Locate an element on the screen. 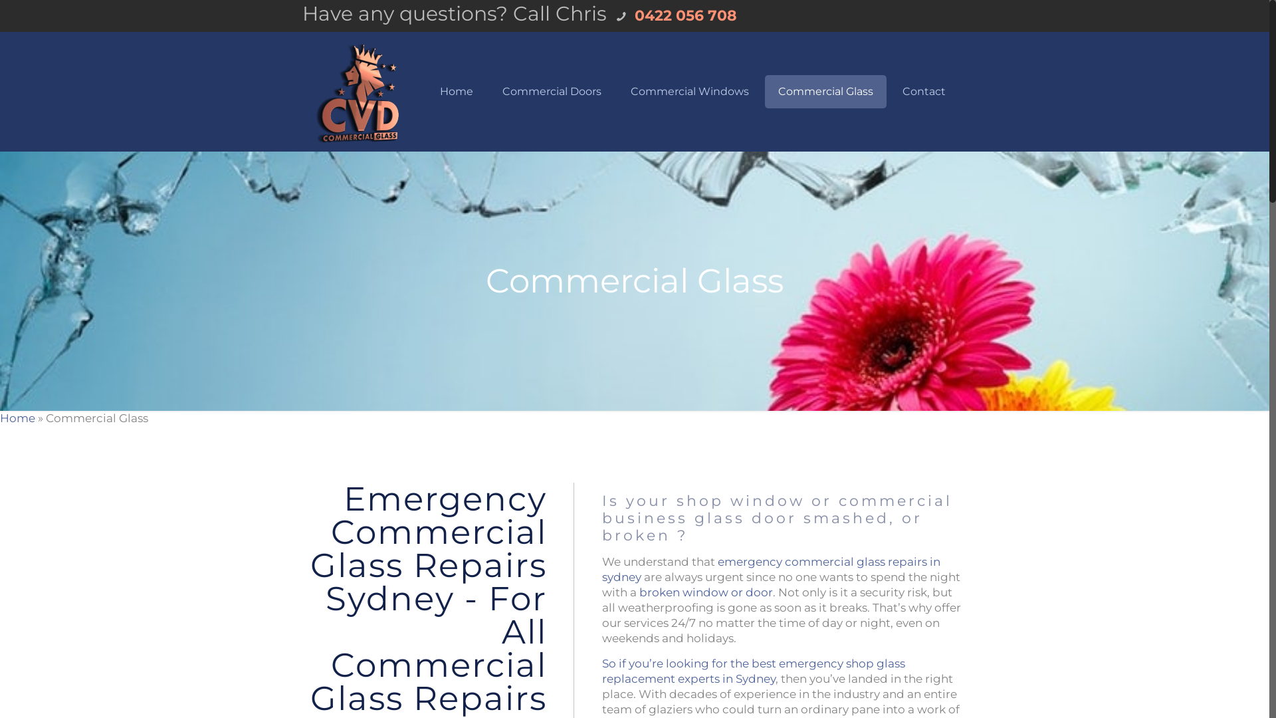 This screenshot has width=1276, height=718. 'Contact' is located at coordinates (923, 91).